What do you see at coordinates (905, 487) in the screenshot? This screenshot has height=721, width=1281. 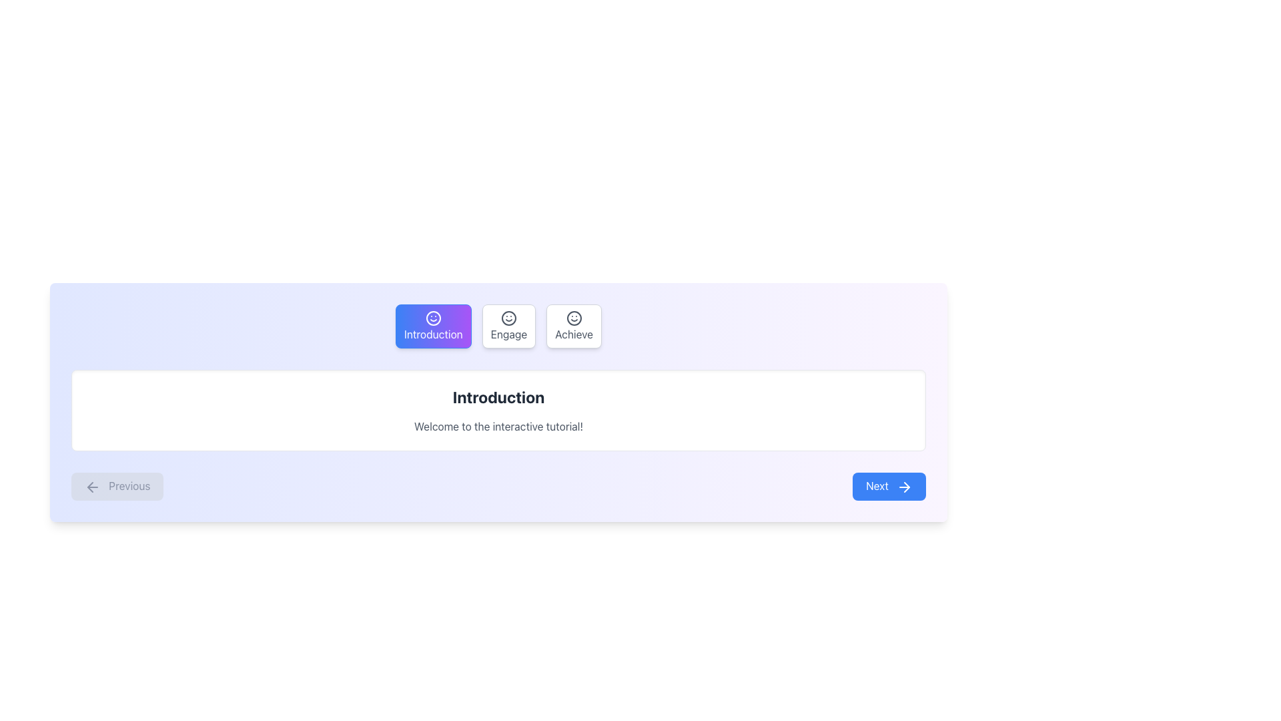 I see `the right-pointing arrow icon within the 'Next' button, which has a blue background and a minimalistic outline, located in the bottom-right corner of the interface` at bounding box center [905, 487].